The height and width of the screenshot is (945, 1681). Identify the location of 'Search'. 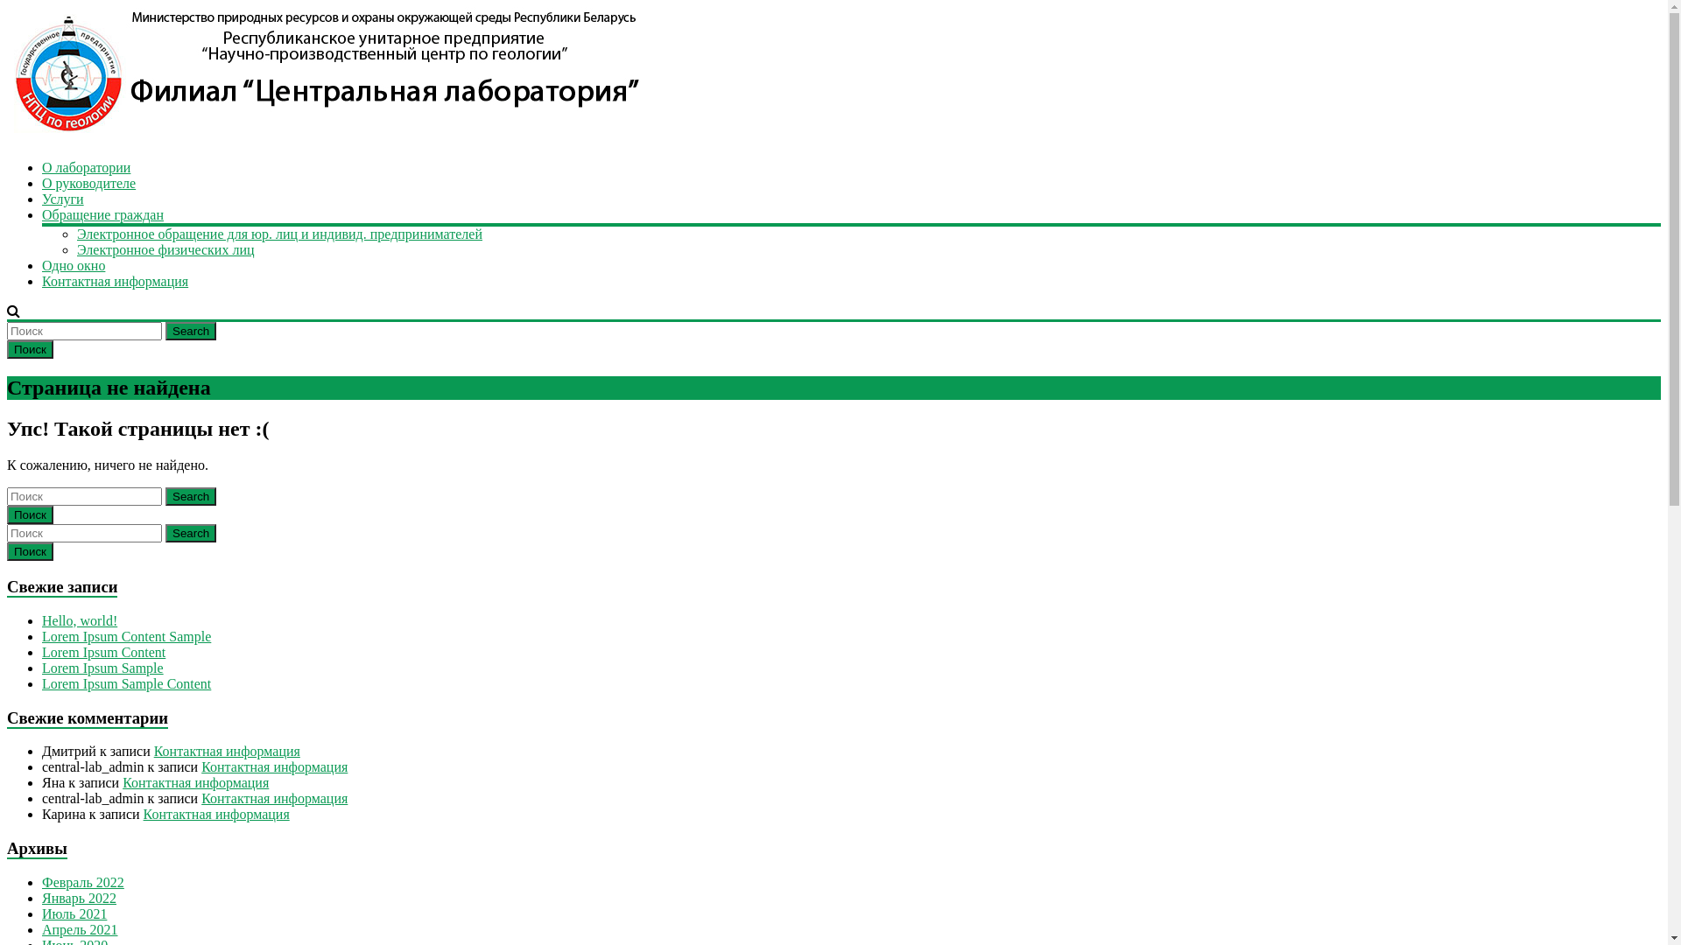
(190, 496).